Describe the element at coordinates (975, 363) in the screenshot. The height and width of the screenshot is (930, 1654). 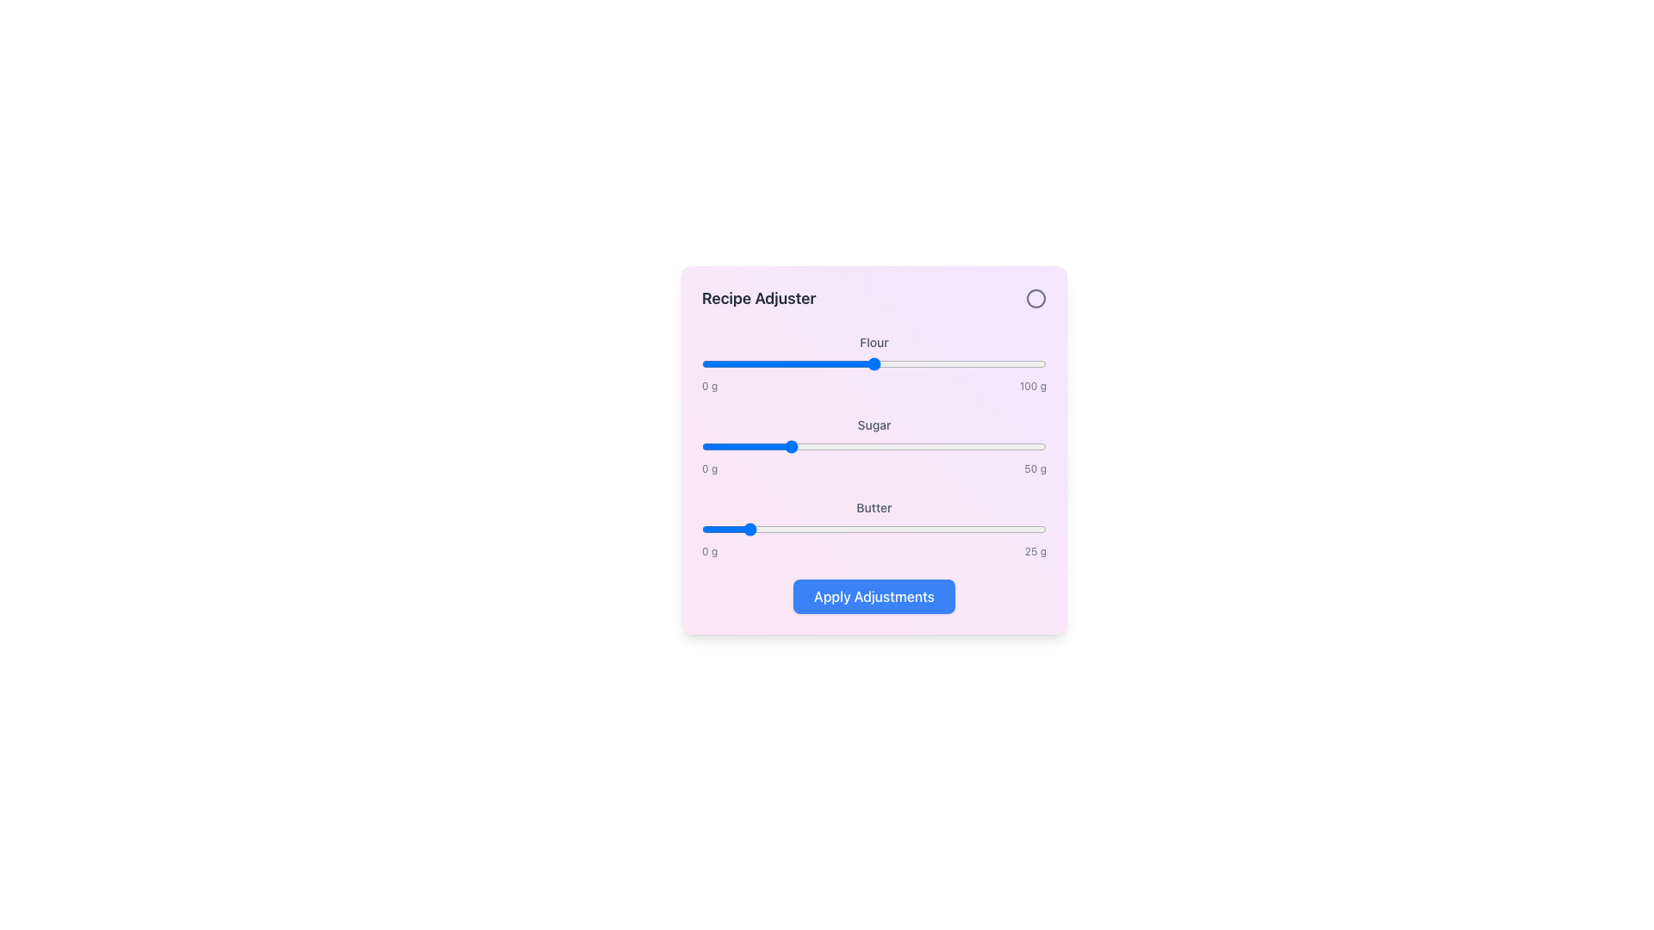
I see `the flour amount` at that location.